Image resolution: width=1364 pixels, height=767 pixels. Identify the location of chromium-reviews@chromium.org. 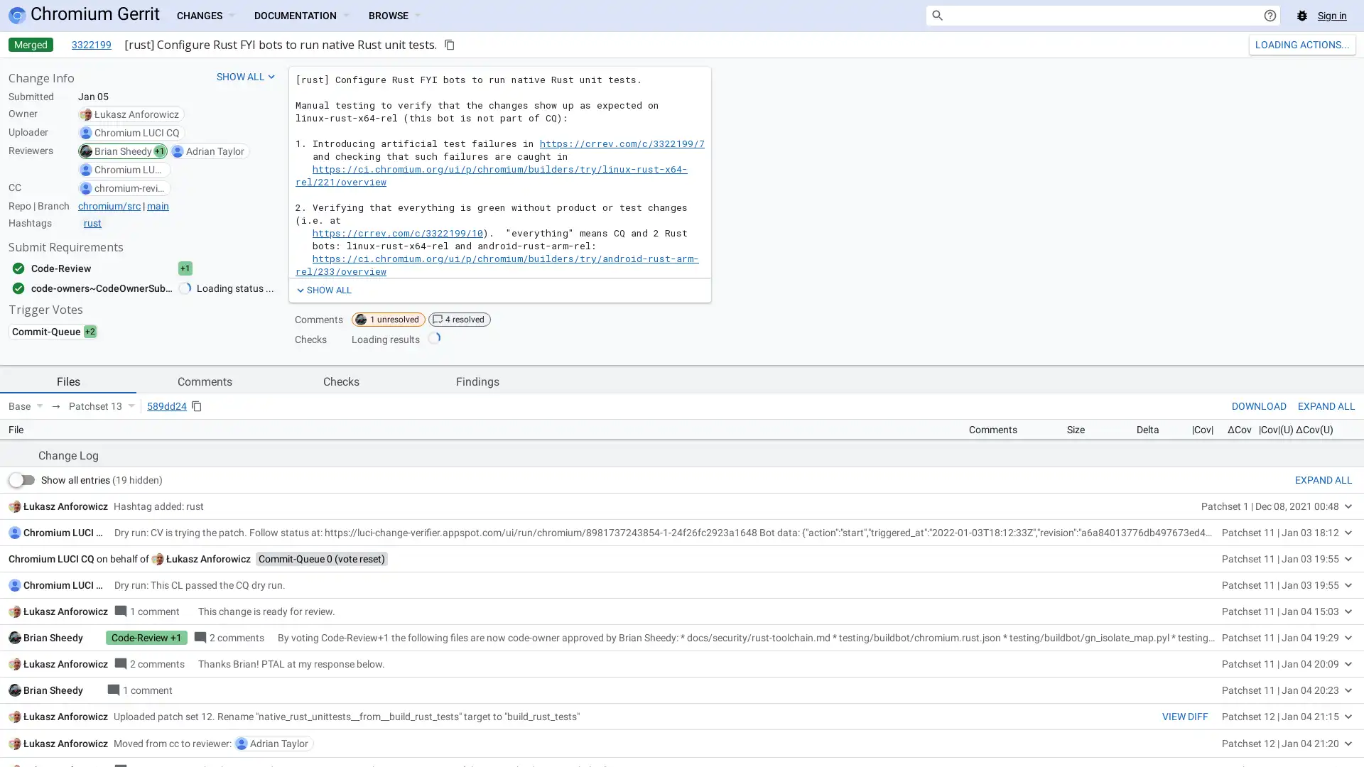
(129, 187).